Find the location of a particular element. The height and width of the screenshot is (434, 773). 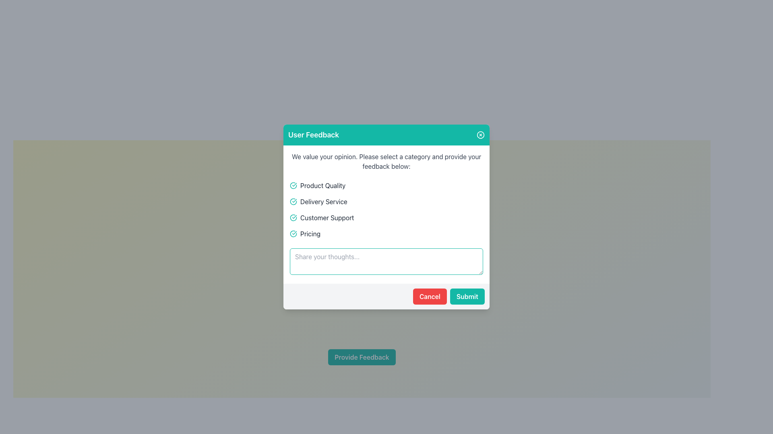

the checkbox labeled 'Pricing' is located at coordinates (386, 234).